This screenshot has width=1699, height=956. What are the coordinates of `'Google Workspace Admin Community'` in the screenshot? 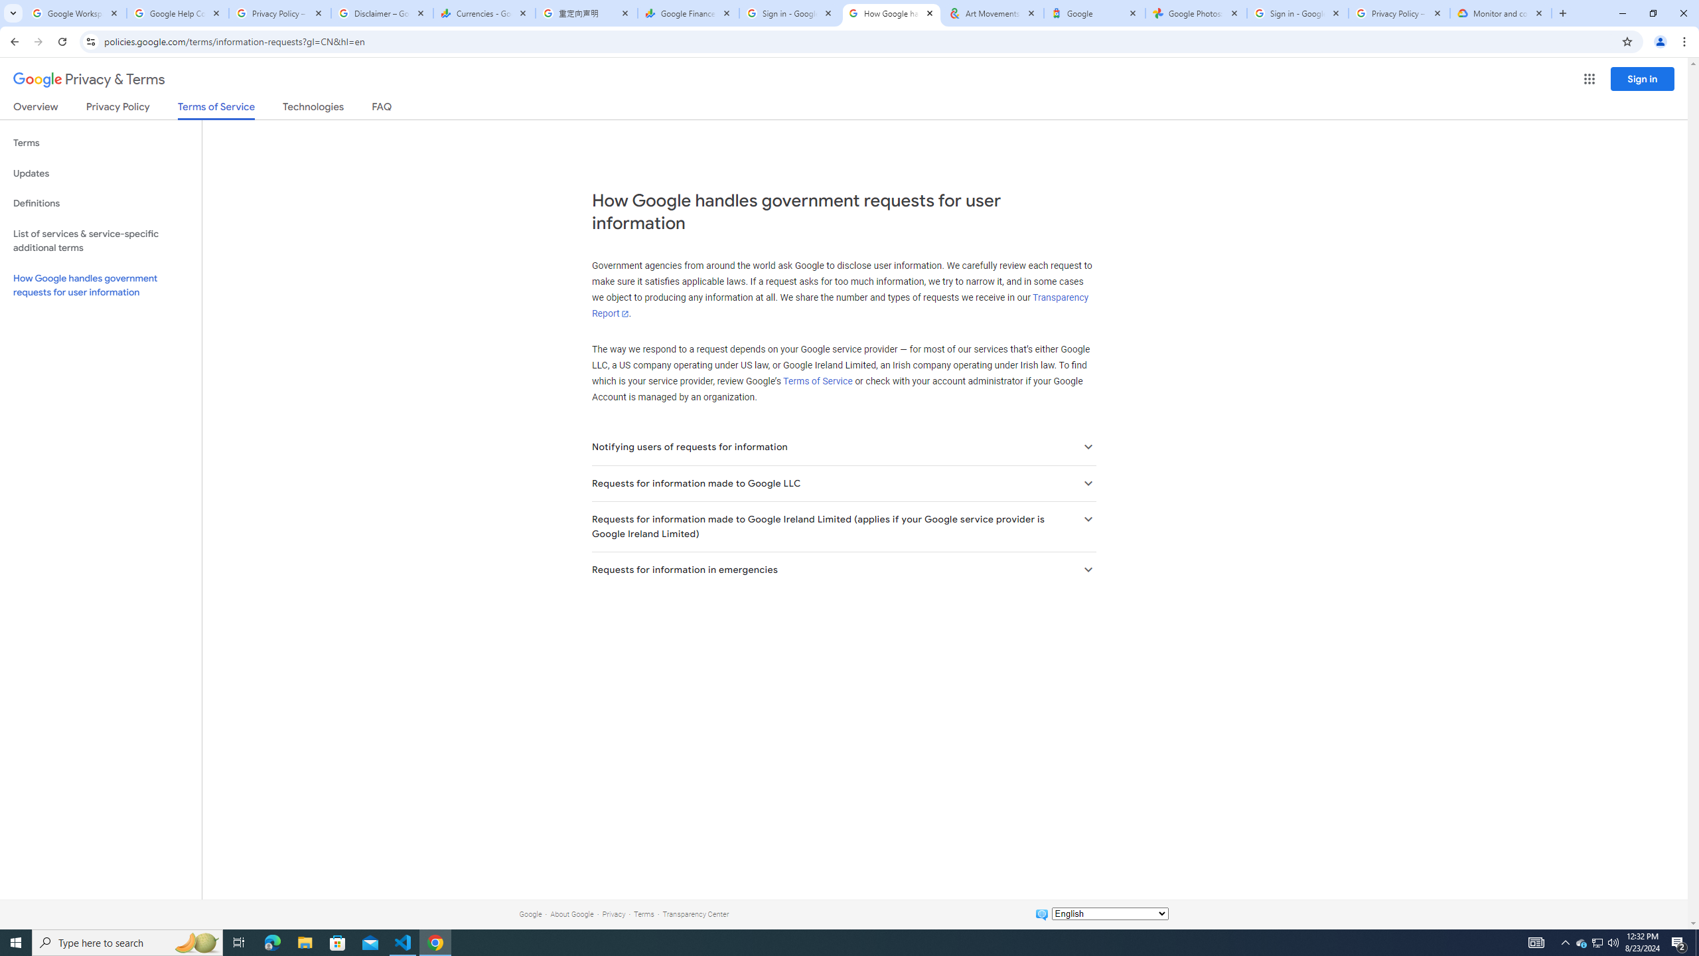 It's located at (75, 13).